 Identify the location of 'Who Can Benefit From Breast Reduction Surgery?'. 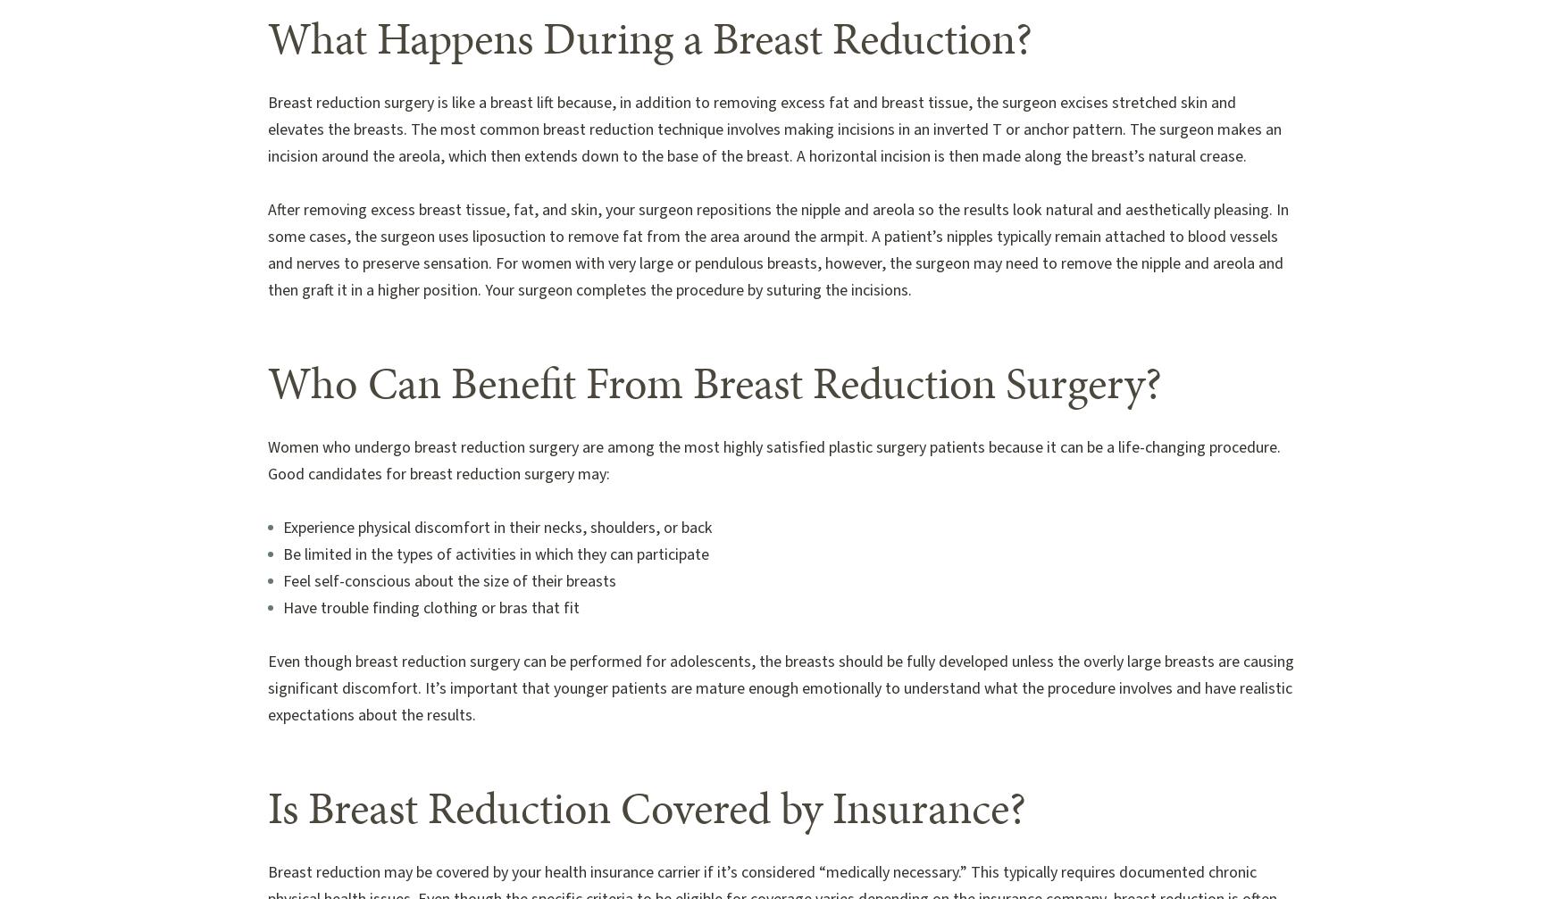
(714, 382).